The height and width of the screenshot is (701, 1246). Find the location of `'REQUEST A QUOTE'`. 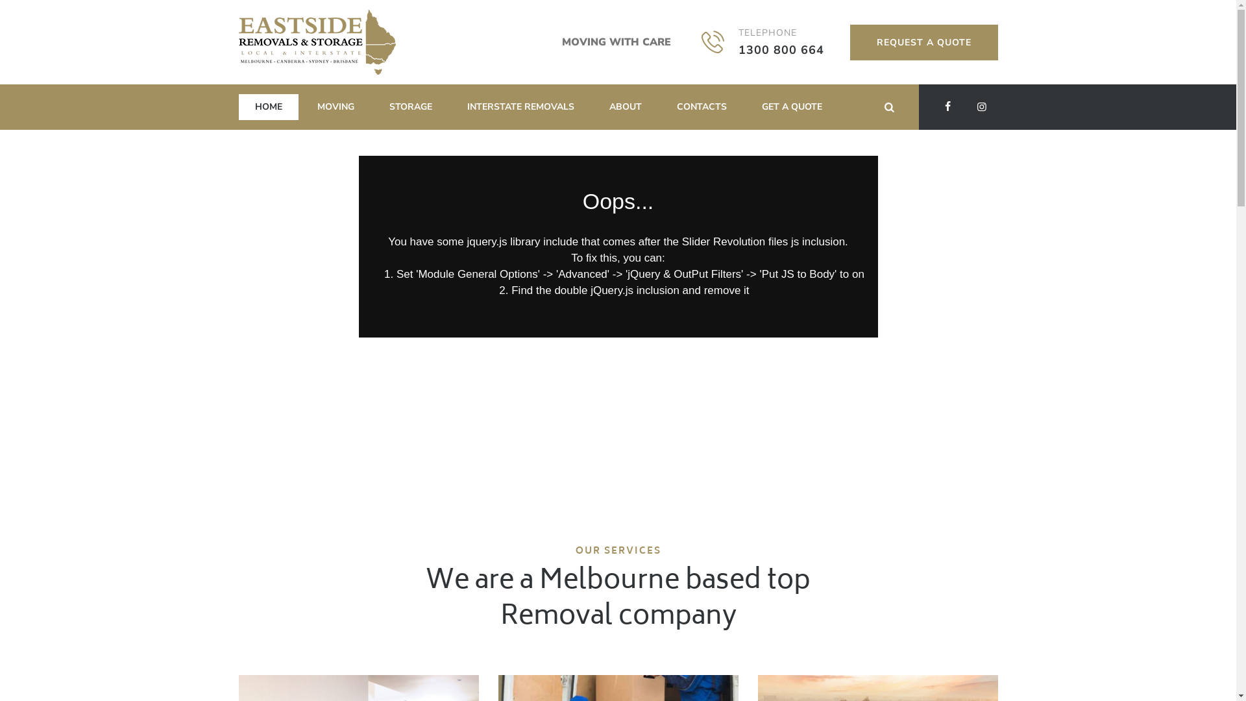

'REQUEST A QUOTE' is located at coordinates (923, 42).